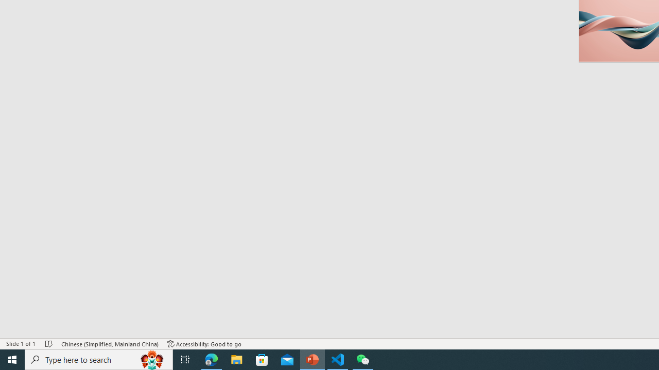 This screenshot has height=370, width=659. I want to click on 'Accessibility Checker Accessibility: Good to go', so click(204, 344).